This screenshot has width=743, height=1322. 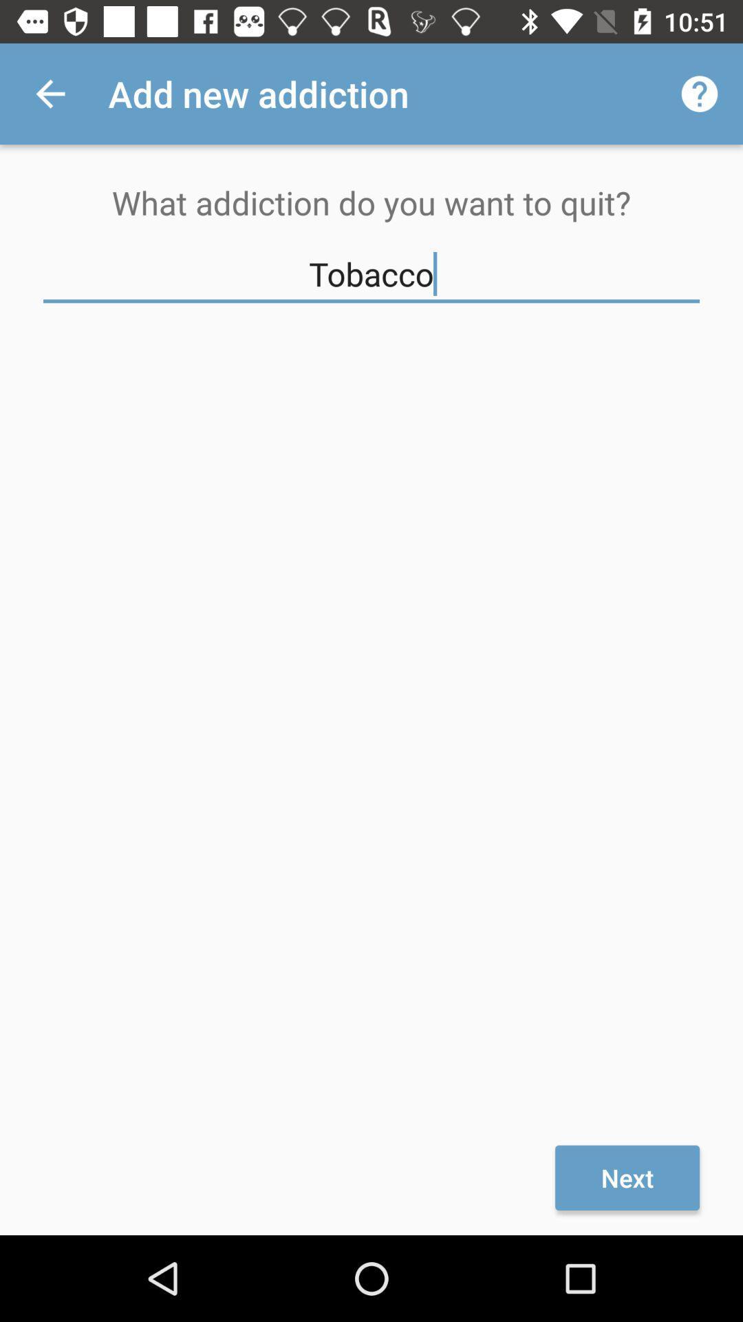 I want to click on the icon to the left of add new addiction item, so click(x=50, y=93).